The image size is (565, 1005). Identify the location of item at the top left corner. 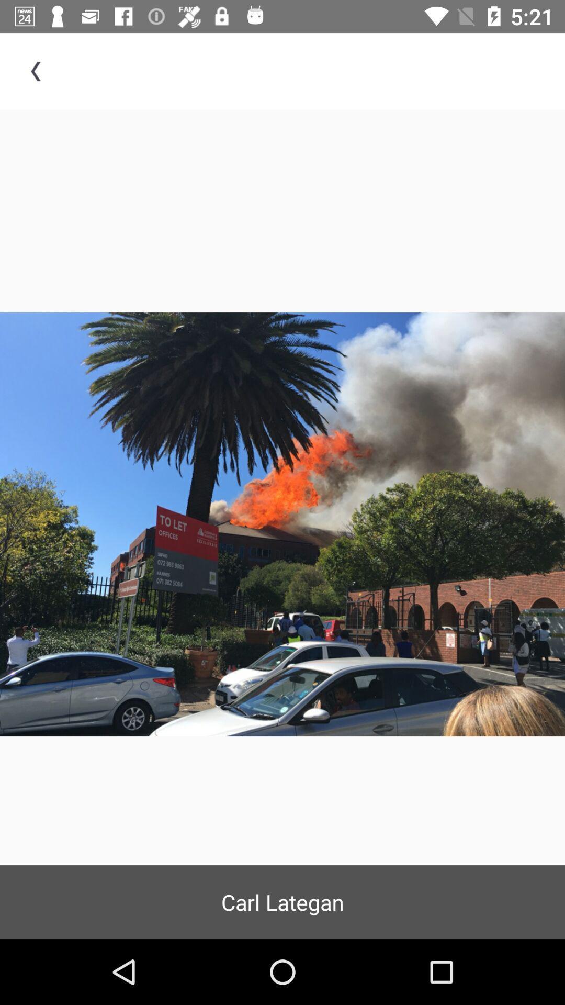
(38, 71).